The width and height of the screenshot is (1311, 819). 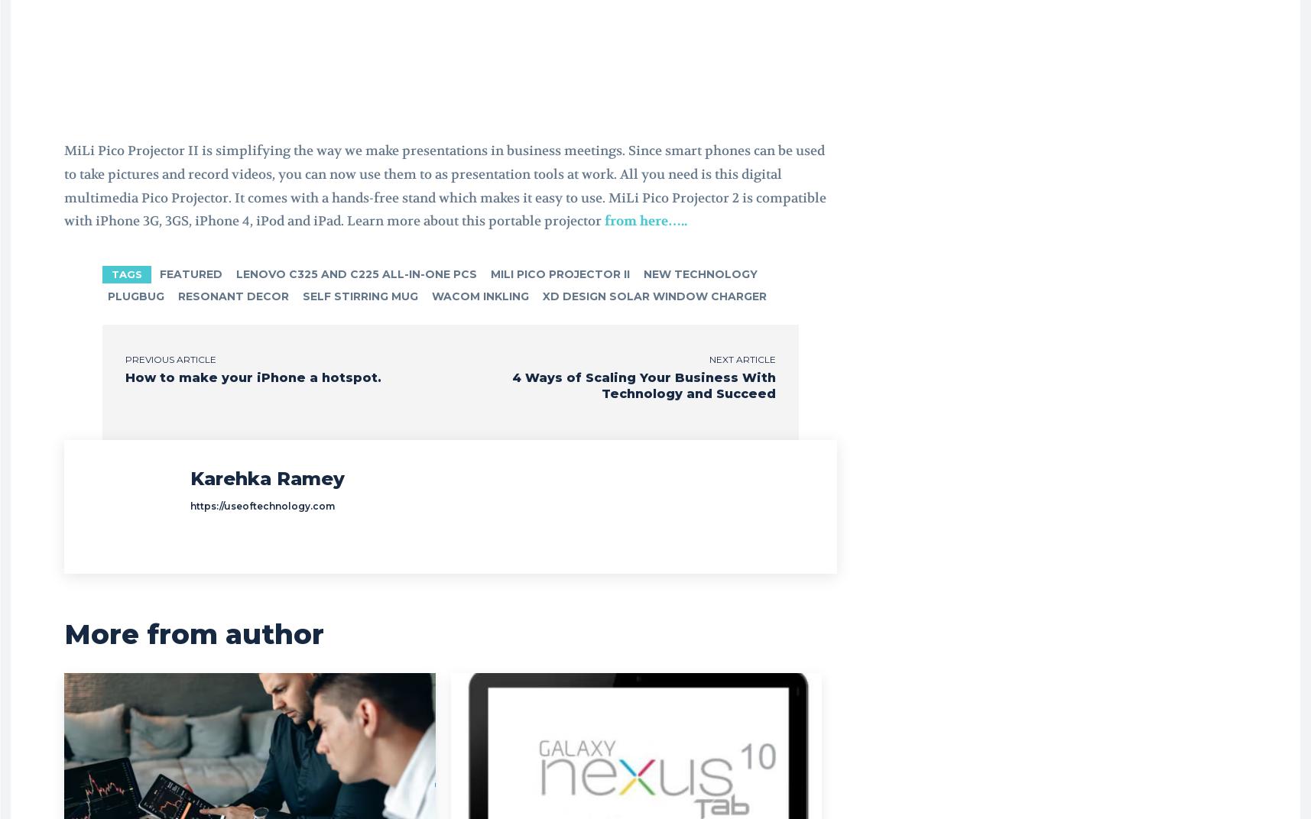 I want to click on 'MiLi Pico Projector II is simplifying the way we make presentations in business meetings. Since smart phones can be used to take pictures and record videos, you can now use them to as presentation tools at work. All you need is this digital multimedia Pico Projector. It comes with a hands-free stand which makes it easy to use. MiLi Pico Projector 2 is compatible with iPhone 3G, 3GS, iPhone 4, iPod and iPad. Learn more about this portable projector', so click(x=444, y=186).